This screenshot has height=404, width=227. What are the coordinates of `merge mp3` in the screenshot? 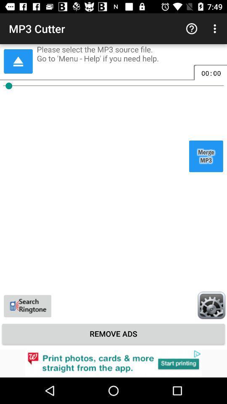 It's located at (206, 156).